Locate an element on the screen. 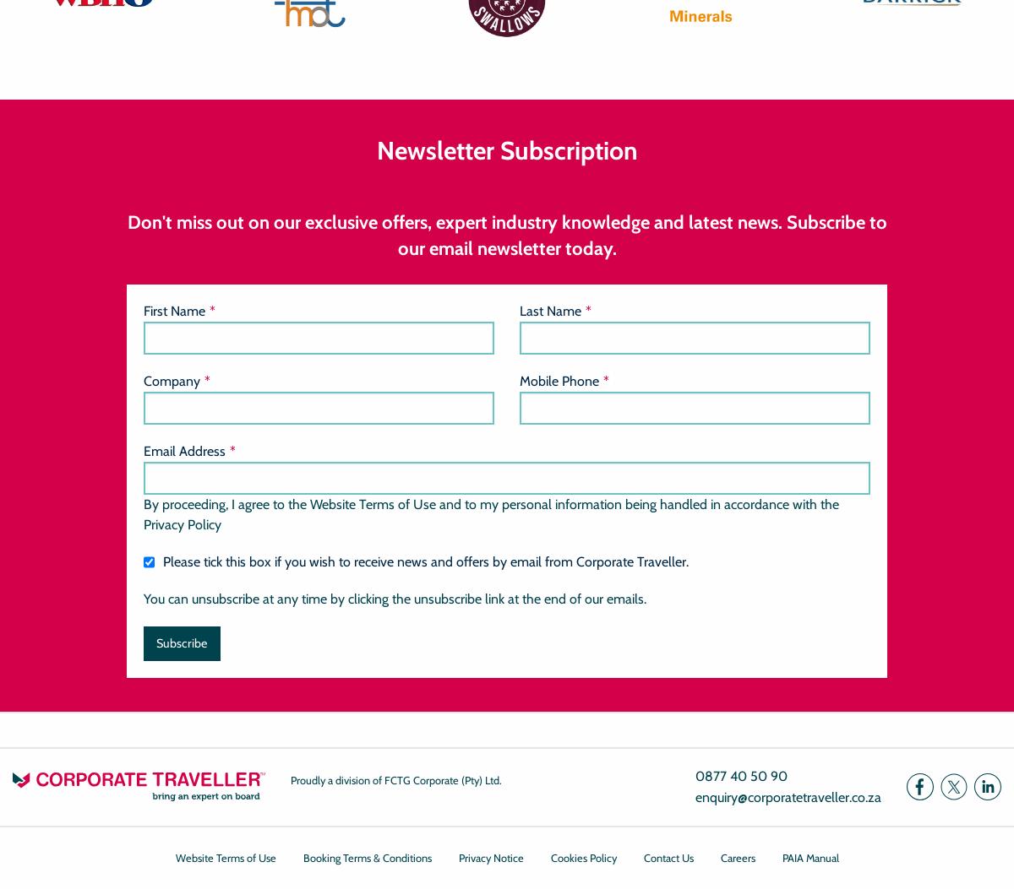 This screenshot has width=1014, height=889. 'Privacy Notice' is located at coordinates (489, 857).